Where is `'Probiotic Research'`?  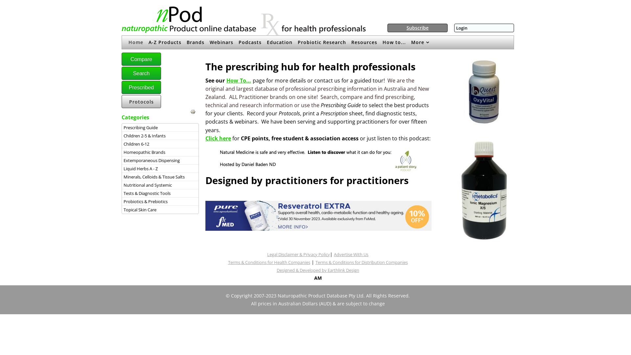
'Probiotic Research' is located at coordinates (322, 42).